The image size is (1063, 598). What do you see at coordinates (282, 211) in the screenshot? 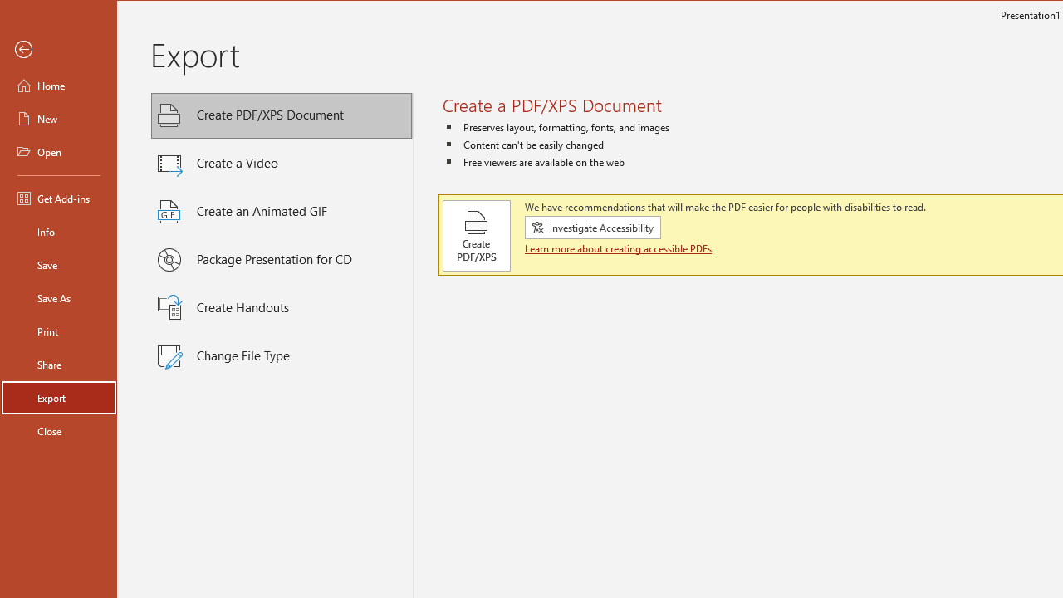
I see `'Create an Animated GIF'` at bounding box center [282, 211].